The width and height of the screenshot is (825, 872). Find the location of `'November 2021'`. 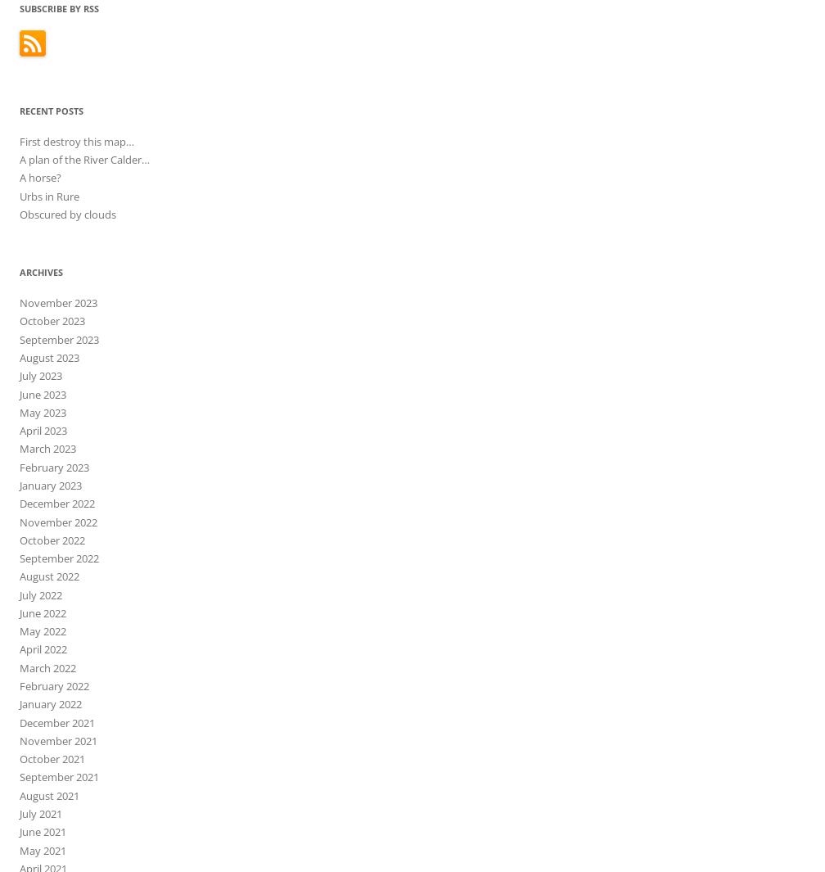

'November 2021' is located at coordinates (19, 739).